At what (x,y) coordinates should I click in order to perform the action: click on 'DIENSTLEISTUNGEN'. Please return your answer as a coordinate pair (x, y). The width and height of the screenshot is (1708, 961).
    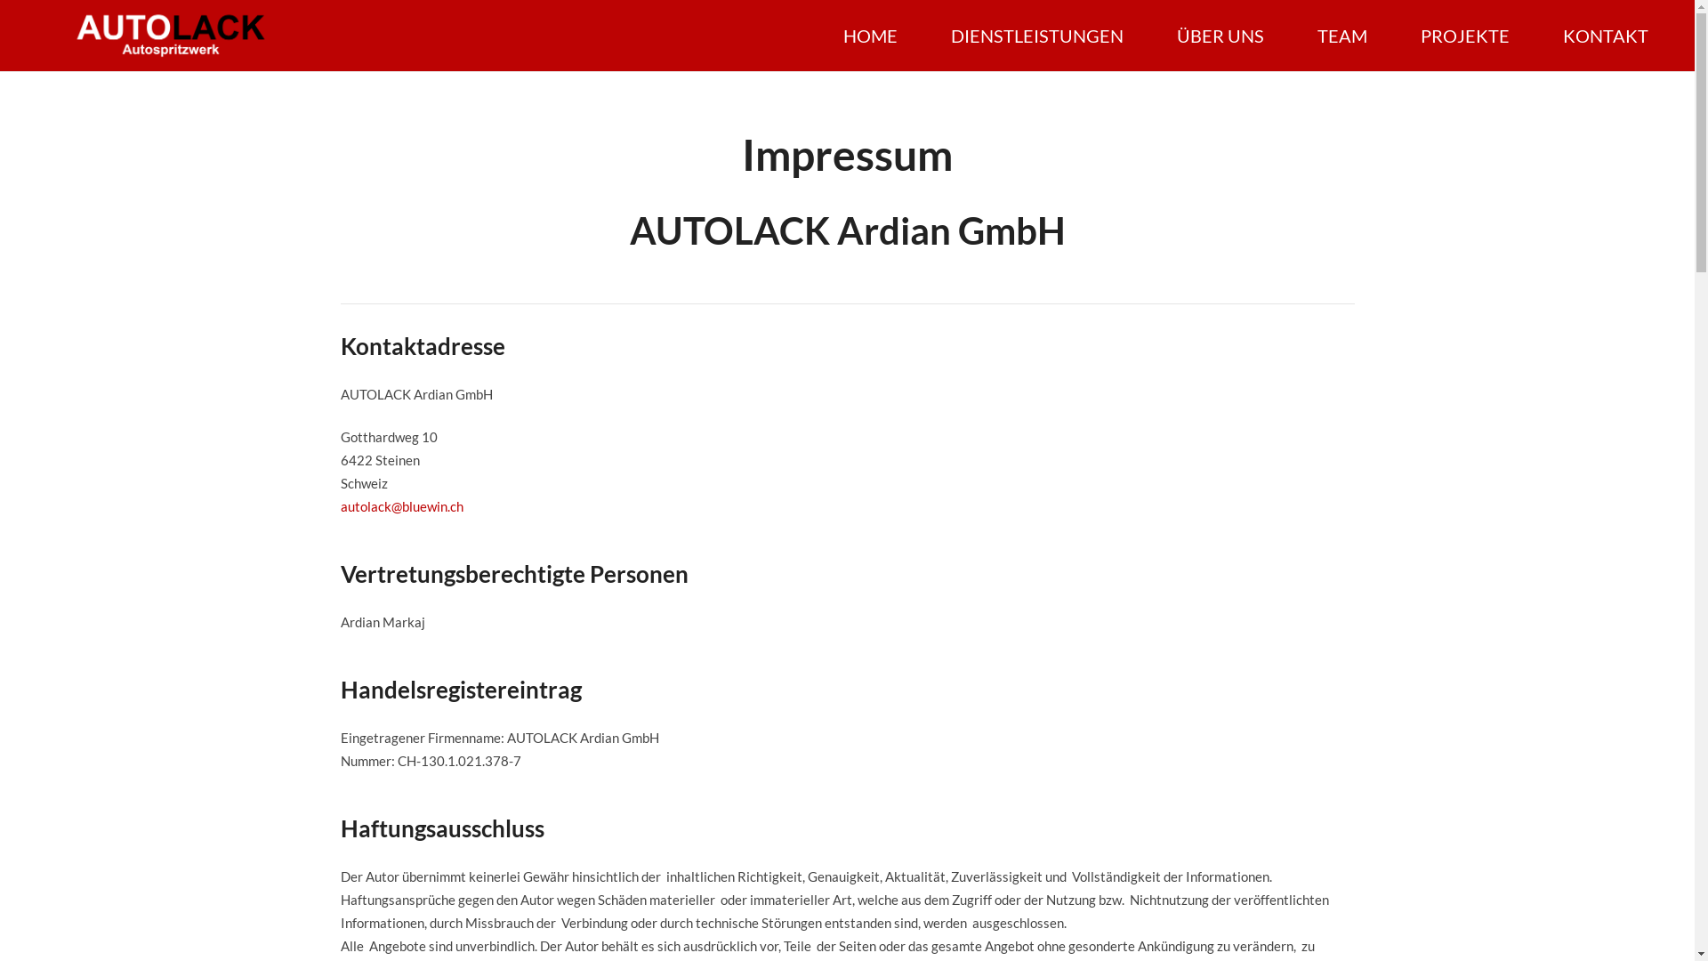
    Looking at the image, I should click on (1037, 35).